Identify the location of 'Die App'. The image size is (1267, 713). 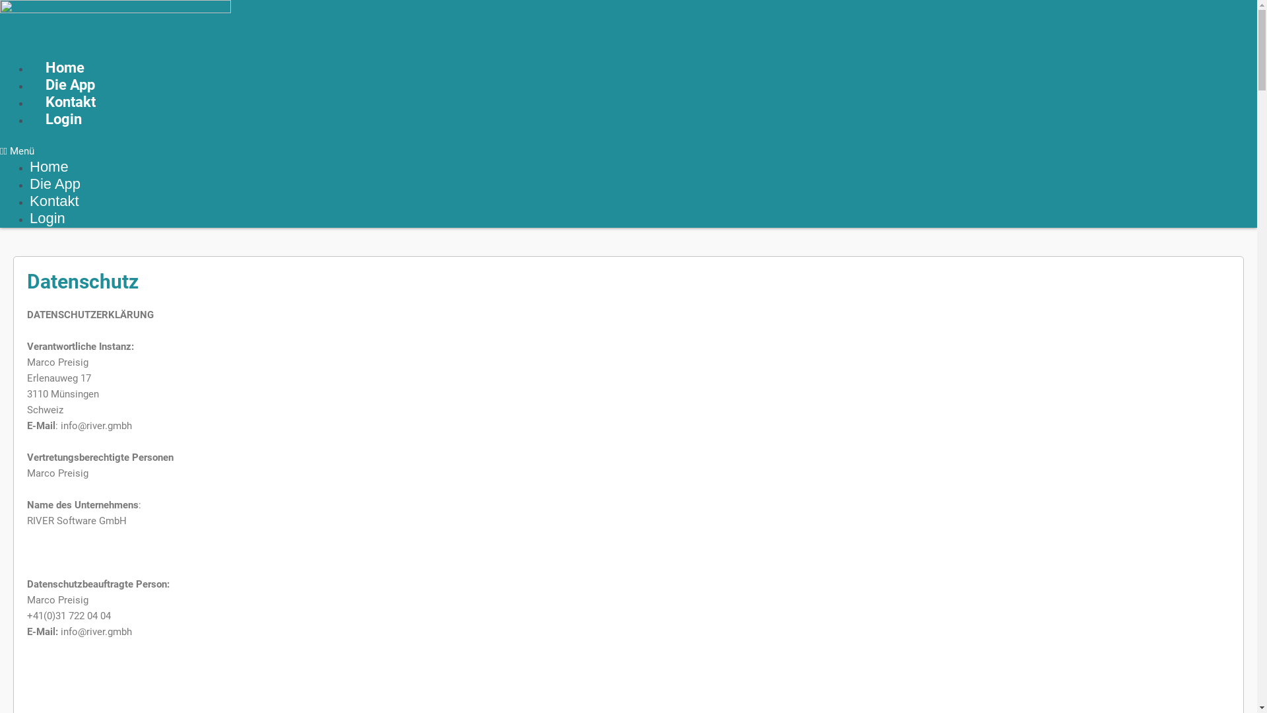
(69, 85).